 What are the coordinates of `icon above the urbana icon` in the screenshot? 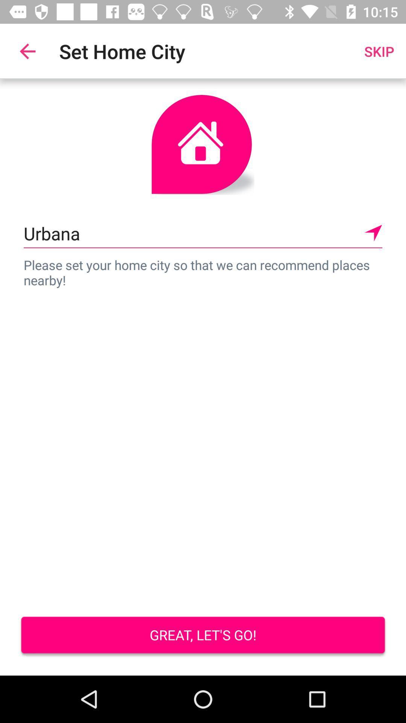 It's located at (379, 51).